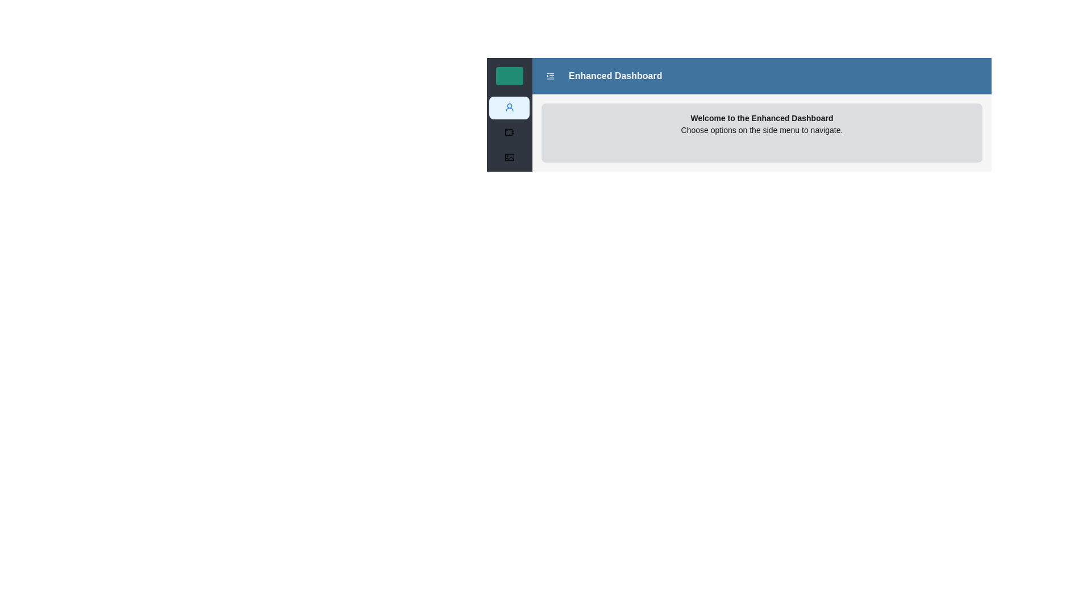 The height and width of the screenshot is (614, 1091). What do you see at coordinates (509, 157) in the screenshot?
I see `the 'Gallery' icon located` at bounding box center [509, 157].